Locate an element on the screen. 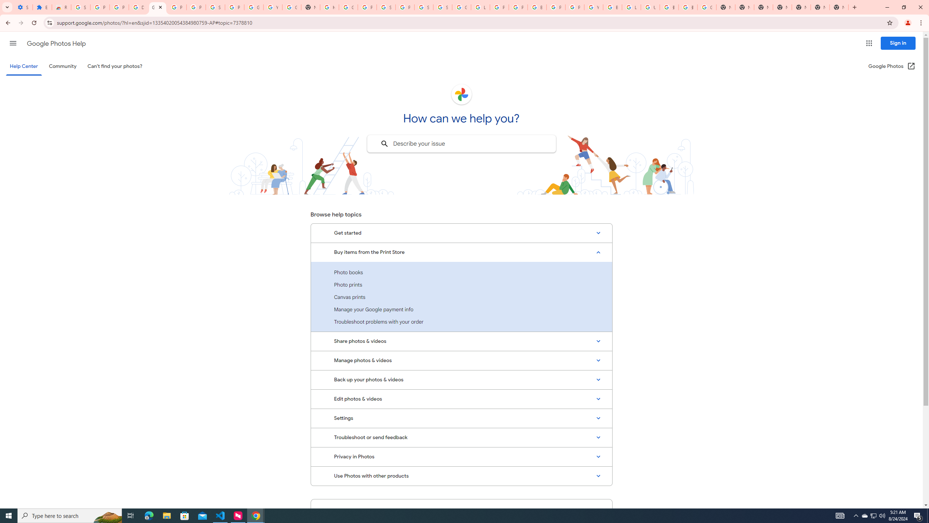 Image resolution: width=929 pixels, height=523 pixels. 'Troubleshoot or send feedback' is located at coordinates (461, 438).